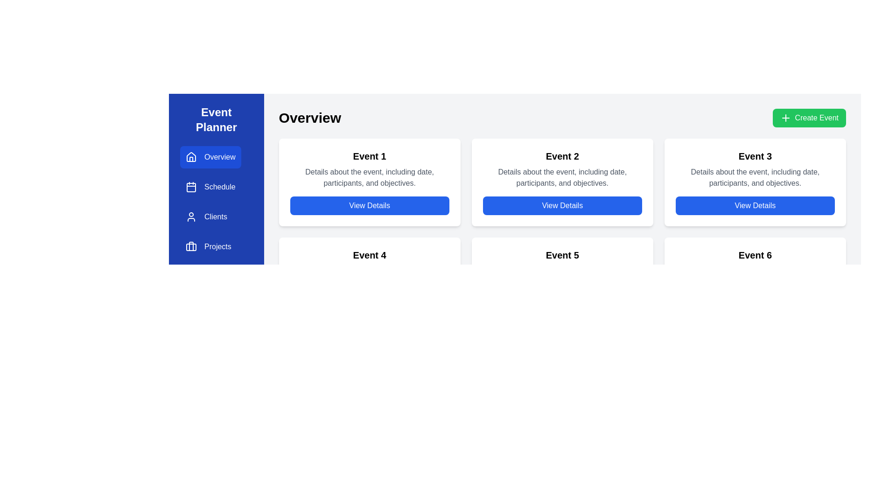 This screenshot has width=896, height=504. Describe the element at coordinates (755, 169) in the screenshot. I see `the text block that provides a title and brief summary about 'Event 3', located below the 'Overview' header and to the right of the second card in the grid layout` at that location.